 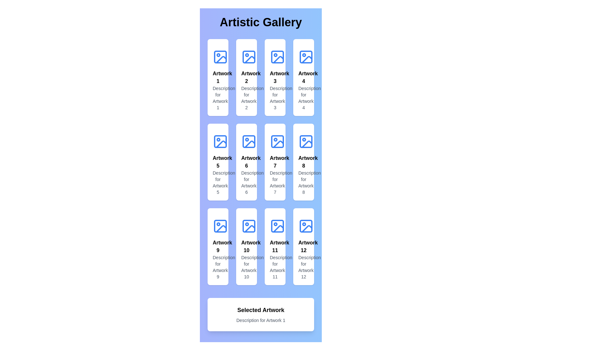 I want to click on the Text element displaying 'Artwork 8' located in the third row and last column of the grid, so click(x=303, y=161).